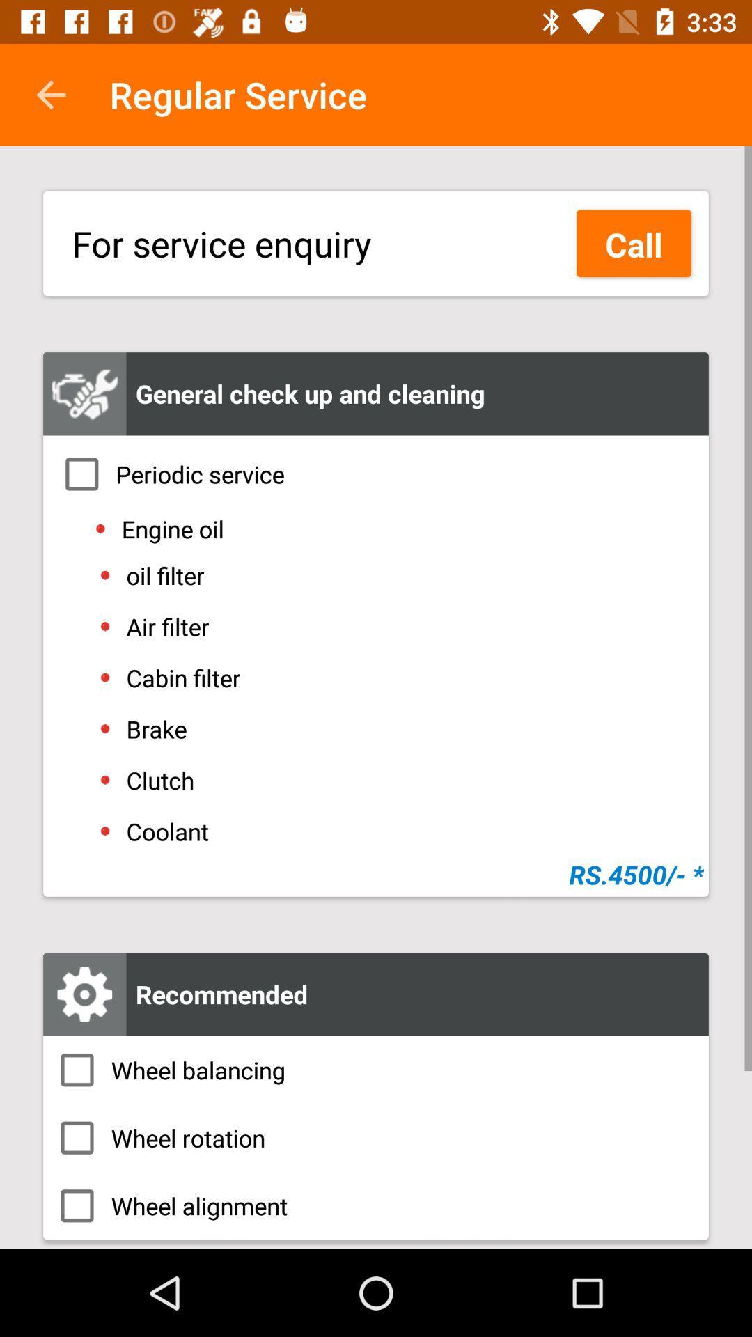 The height and width of the screenshot is (1337, 752). Describe the element at coordinates (376, 1205) in the screenshot. I see `the item below the wheel rotation icon` at that location.